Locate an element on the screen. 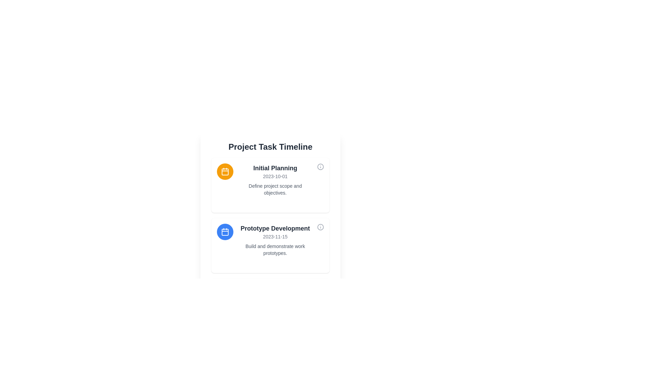 This screenshot has height=370, width=659. the second task item in the Project Task Timeline, which contains details about its title, due date, description, and current status is located at coordinates (270, 245).